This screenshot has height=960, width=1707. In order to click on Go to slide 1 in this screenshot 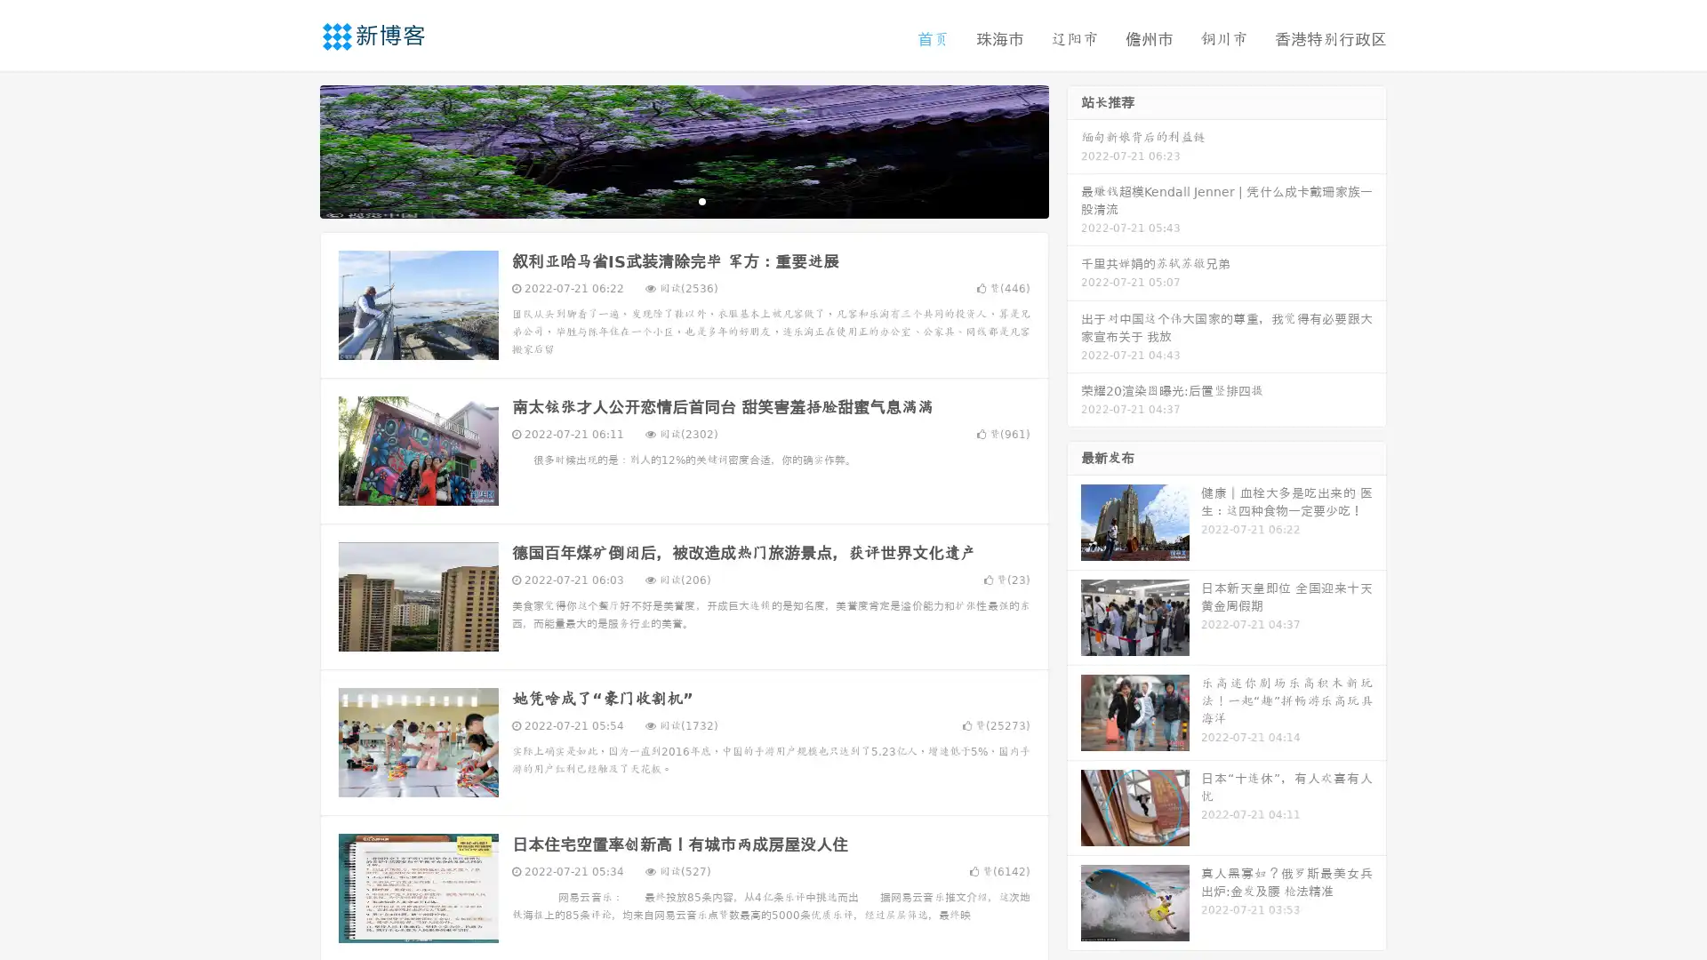, I will do `click(665, 200)`.